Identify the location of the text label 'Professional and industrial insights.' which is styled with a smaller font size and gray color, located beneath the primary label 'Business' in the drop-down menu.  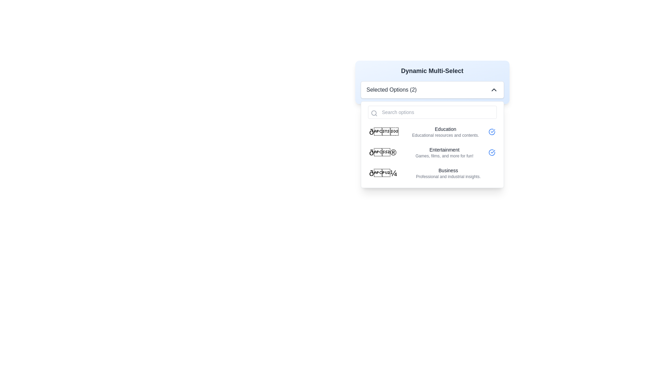
(448, 176).